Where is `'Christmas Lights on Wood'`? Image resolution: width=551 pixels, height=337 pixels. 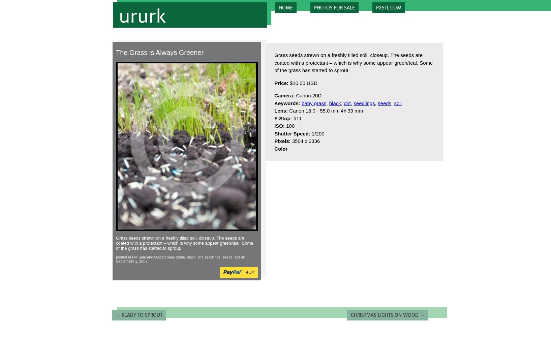
'Christmas Lights on Wood' is located at coordinates (385, 315).